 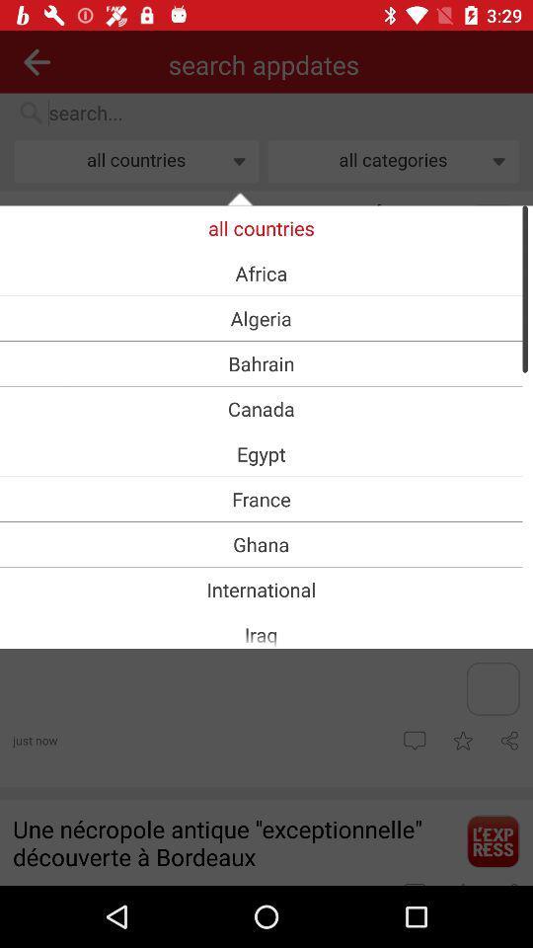 I want to click on the icon above the france item, so click(x=261, y=453).